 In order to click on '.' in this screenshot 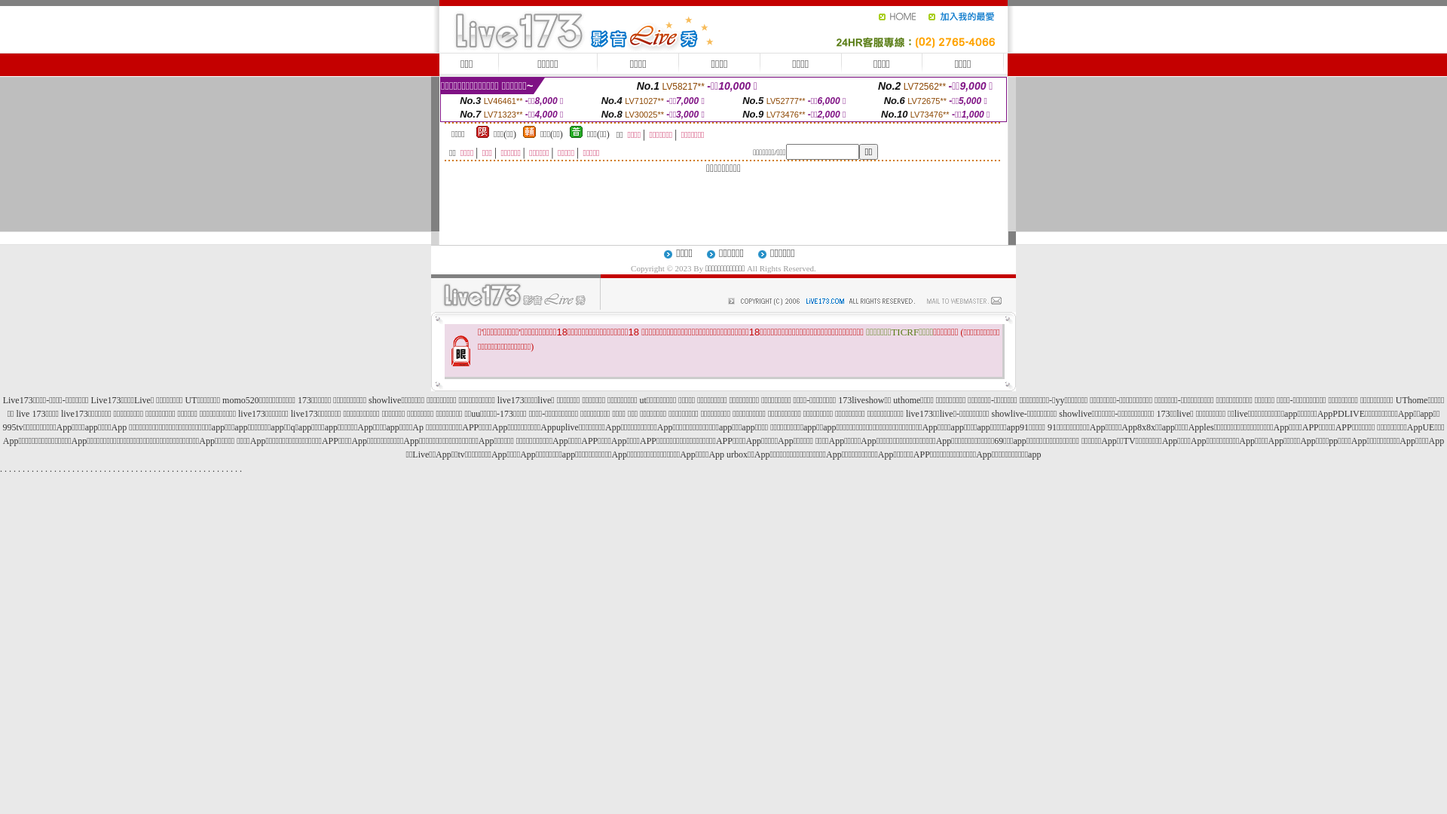, I will do `click(99, 467)`.